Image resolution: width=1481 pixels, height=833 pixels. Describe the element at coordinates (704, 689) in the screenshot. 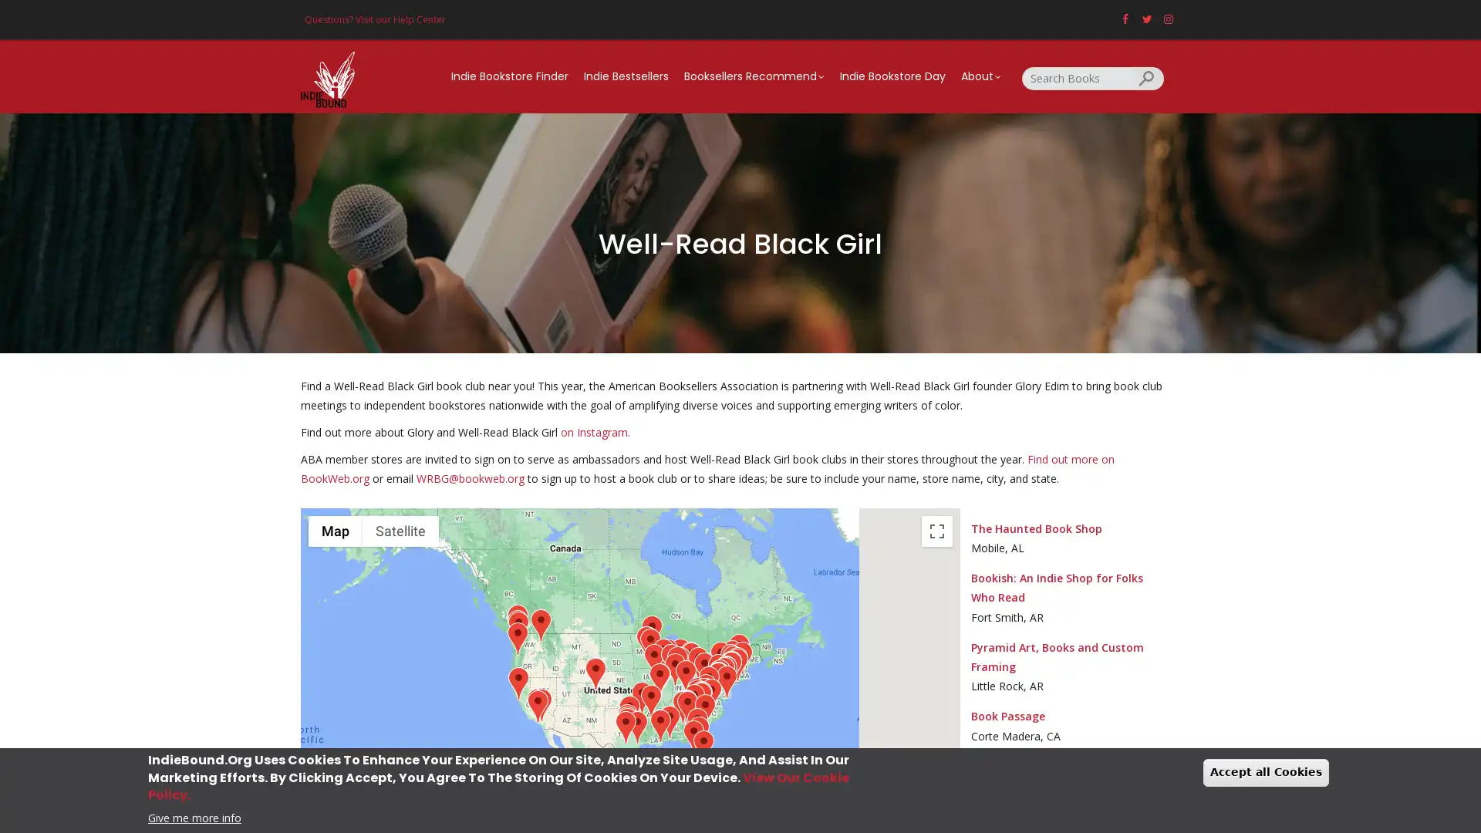

I see `Books and Crannies` at that location.